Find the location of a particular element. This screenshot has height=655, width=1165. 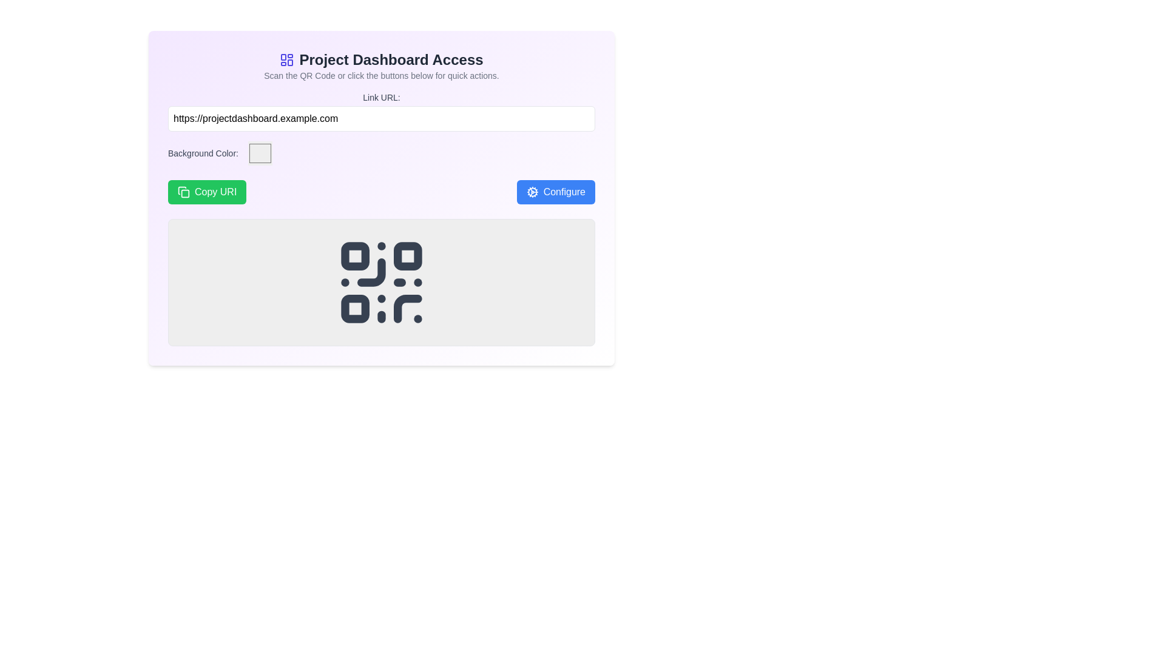

the QR code module, which is the second square from the left in the top row of the QR code structure is located at coordinates (408, 255).